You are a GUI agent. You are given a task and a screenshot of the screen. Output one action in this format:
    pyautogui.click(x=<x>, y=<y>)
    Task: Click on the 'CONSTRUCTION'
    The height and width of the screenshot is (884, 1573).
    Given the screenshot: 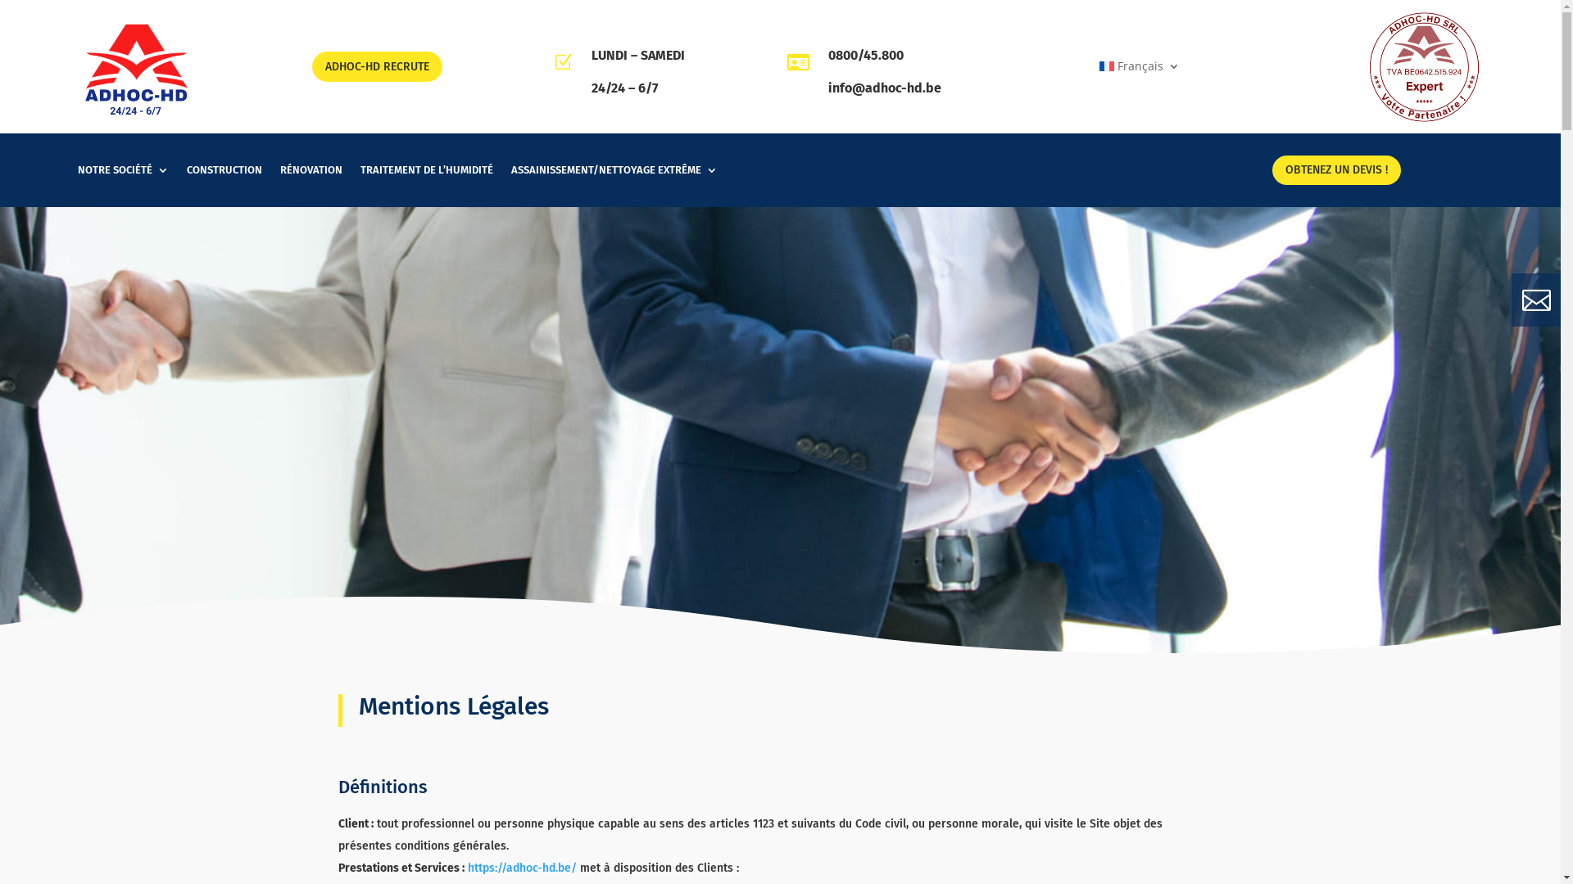 What is the action you would take?
    pyautogui.click(x=223, y=174)
    